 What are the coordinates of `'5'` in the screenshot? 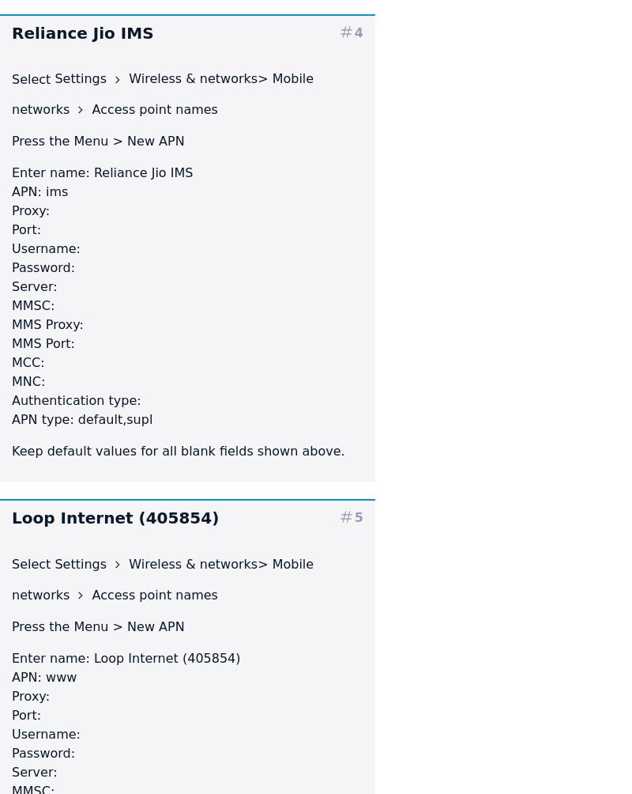 It's located at (358, 516).